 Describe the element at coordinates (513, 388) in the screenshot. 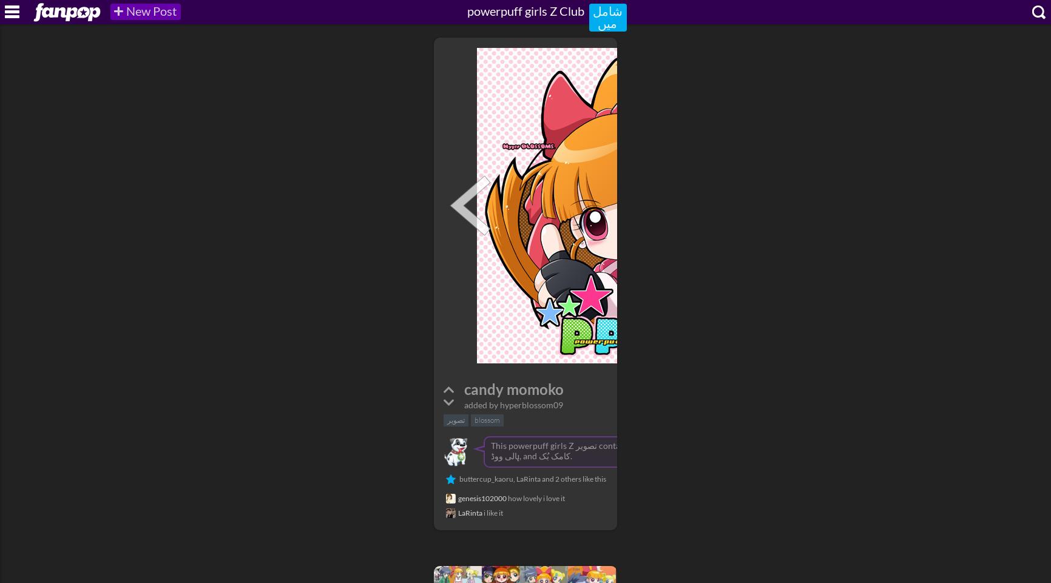

I see `'candy momoko'` at that location.